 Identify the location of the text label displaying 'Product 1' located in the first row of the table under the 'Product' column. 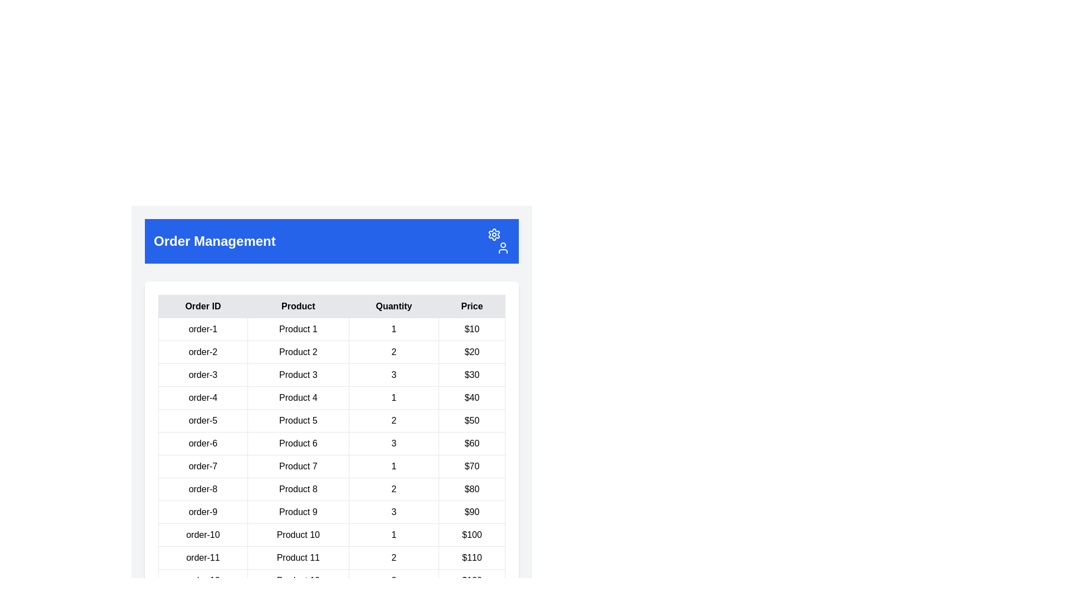
(298, 328).